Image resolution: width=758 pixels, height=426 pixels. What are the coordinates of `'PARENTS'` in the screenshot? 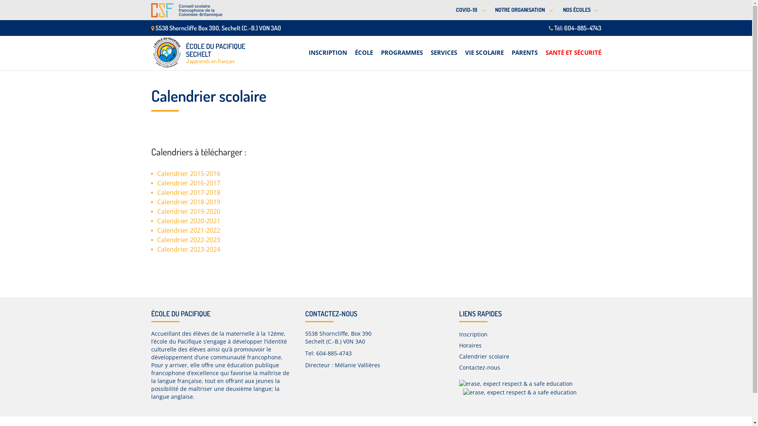 It's located at (512, 48).